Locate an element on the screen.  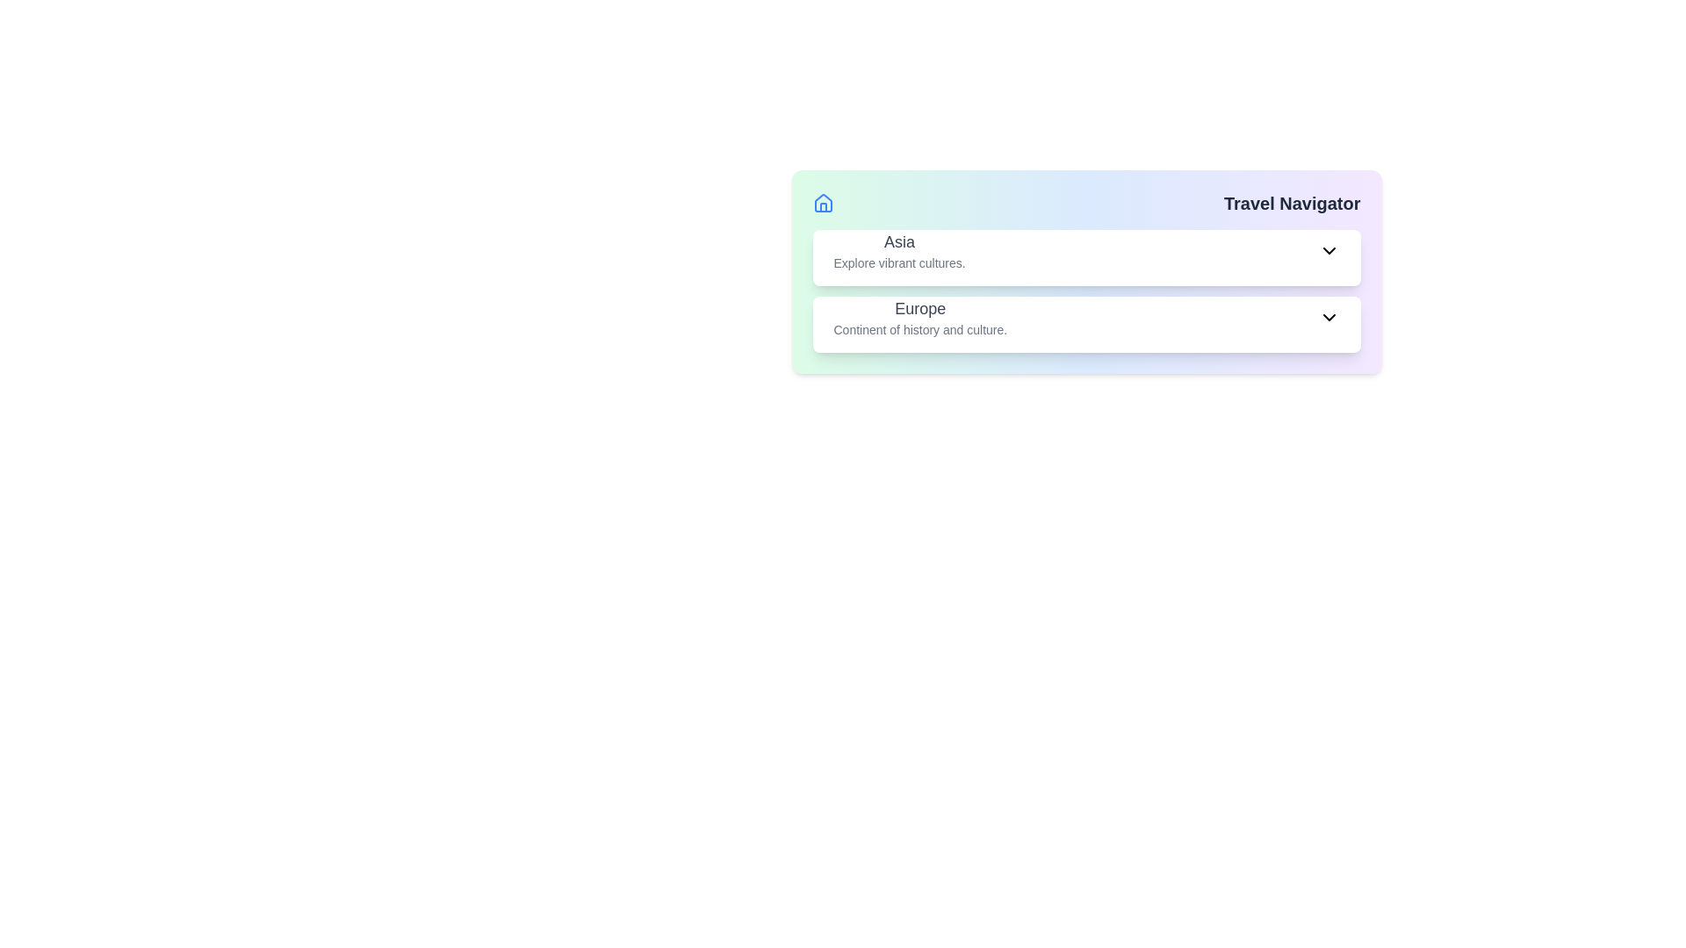
the 'Home' icon (SVG) located at the top-left corner of the 'Travel Navigator' panel is located at coordinates (822, 202).